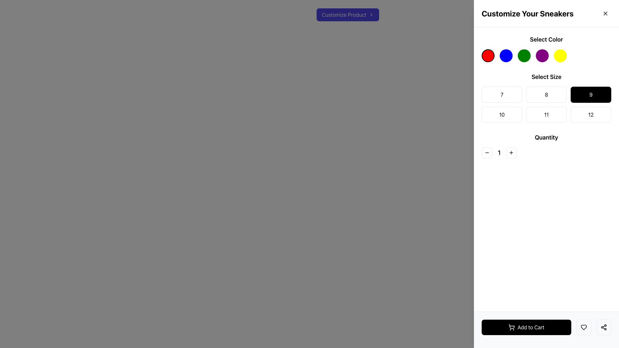 This screenshot has height=348, width=619. I want to click on the rectangular button with a black background and white text displaying '9', which is the third button in the grid under the 'Select Size' section, so click(591, 94).